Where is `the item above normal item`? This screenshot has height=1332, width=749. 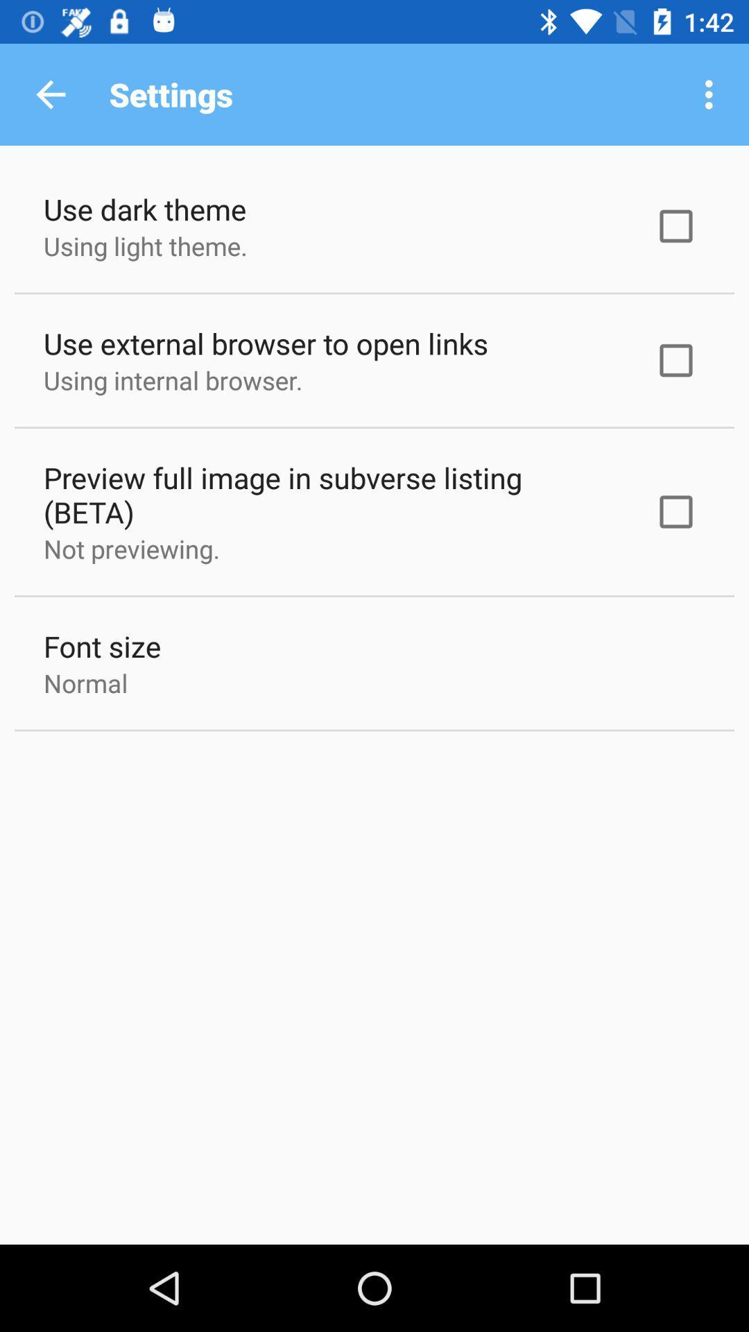
the item above normal item is located at coordinates (101, 645).